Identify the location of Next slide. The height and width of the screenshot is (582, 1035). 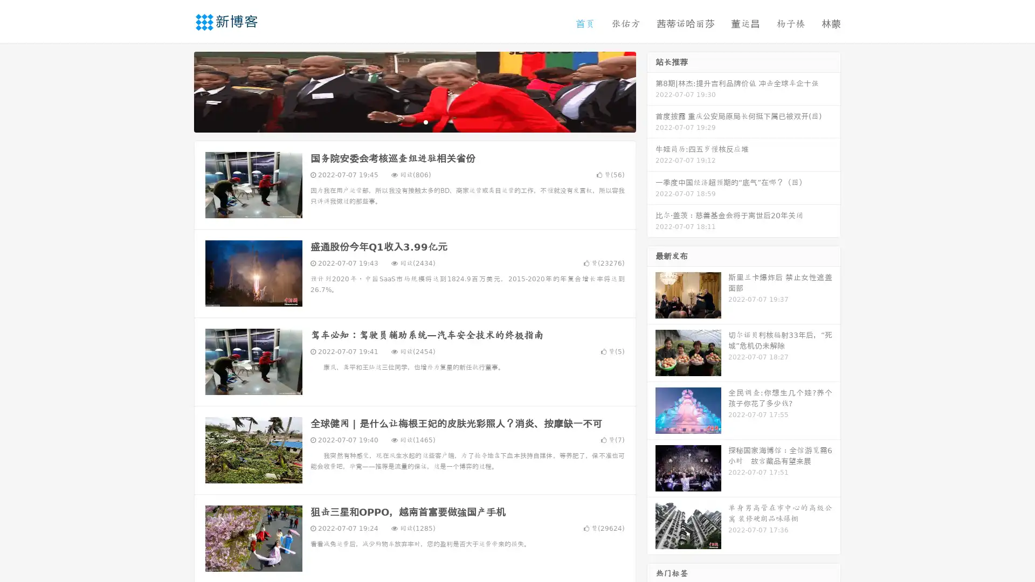
(651, 91).